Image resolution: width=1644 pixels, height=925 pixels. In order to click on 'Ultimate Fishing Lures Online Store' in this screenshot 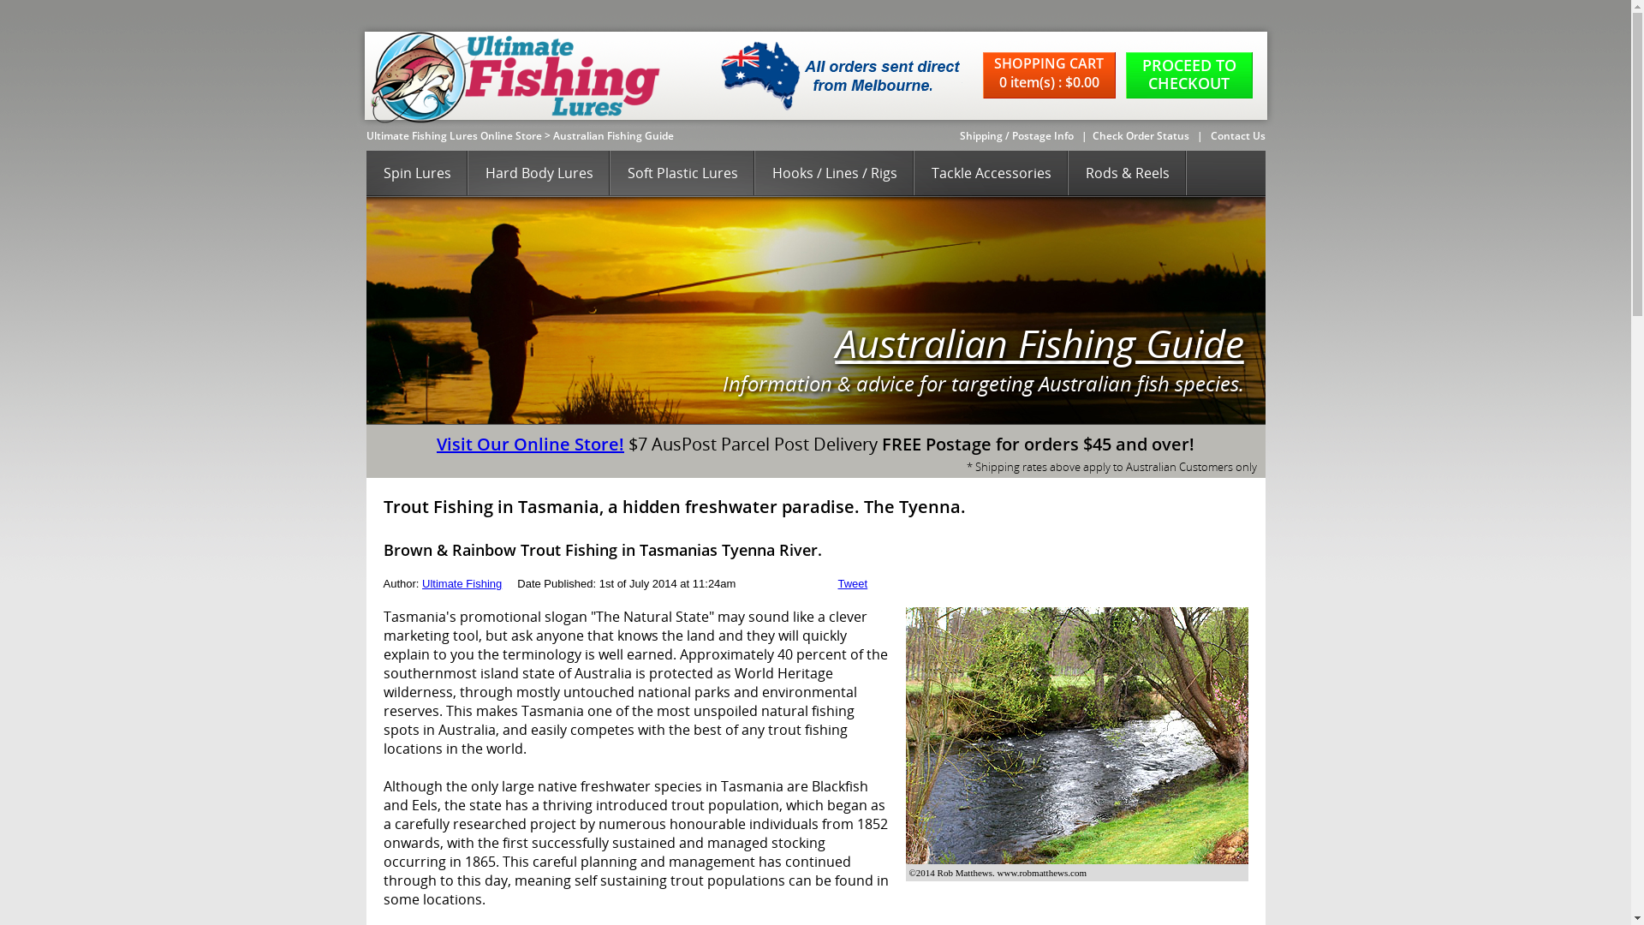, I will do `click(454, 134)`.